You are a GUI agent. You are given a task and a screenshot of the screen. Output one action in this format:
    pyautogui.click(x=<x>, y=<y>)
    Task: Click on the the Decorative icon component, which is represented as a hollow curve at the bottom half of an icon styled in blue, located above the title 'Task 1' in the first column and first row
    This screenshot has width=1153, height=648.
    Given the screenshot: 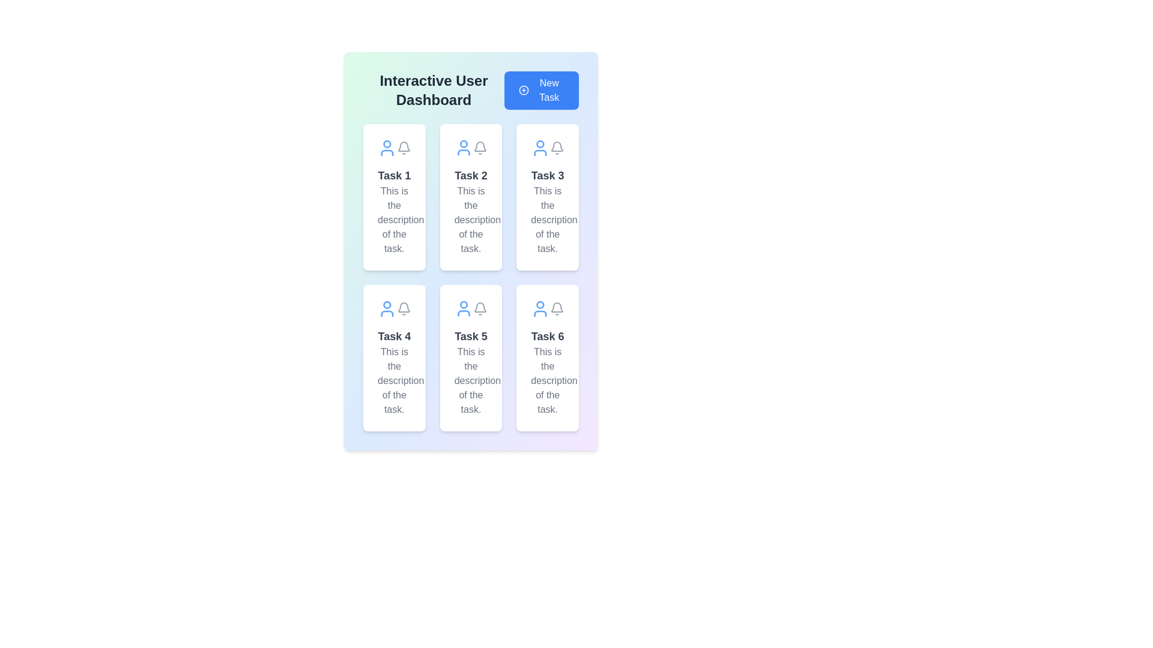 What is the action you would take?
    pyautogui.click(x=387, y=152)
    